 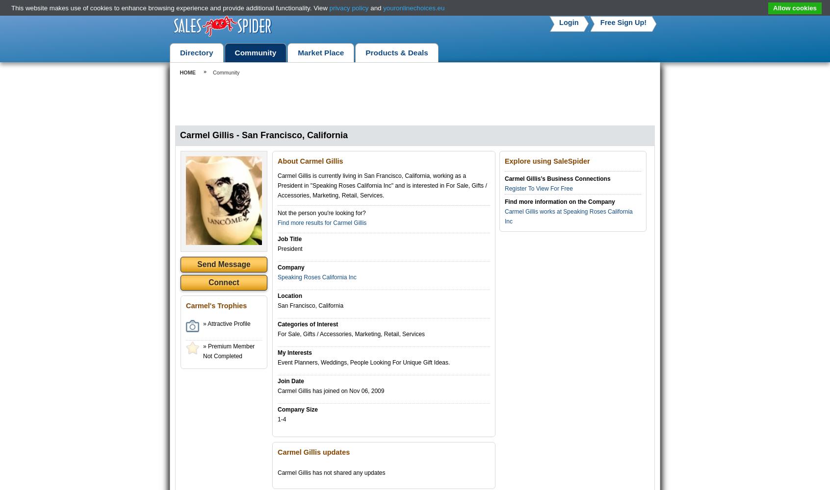 What do you see at coordinates (568, 216) in the screenshot?
I see `'Carmel Gillis works at Speaking Roses California Inc'` at bounding box center [568, 216].